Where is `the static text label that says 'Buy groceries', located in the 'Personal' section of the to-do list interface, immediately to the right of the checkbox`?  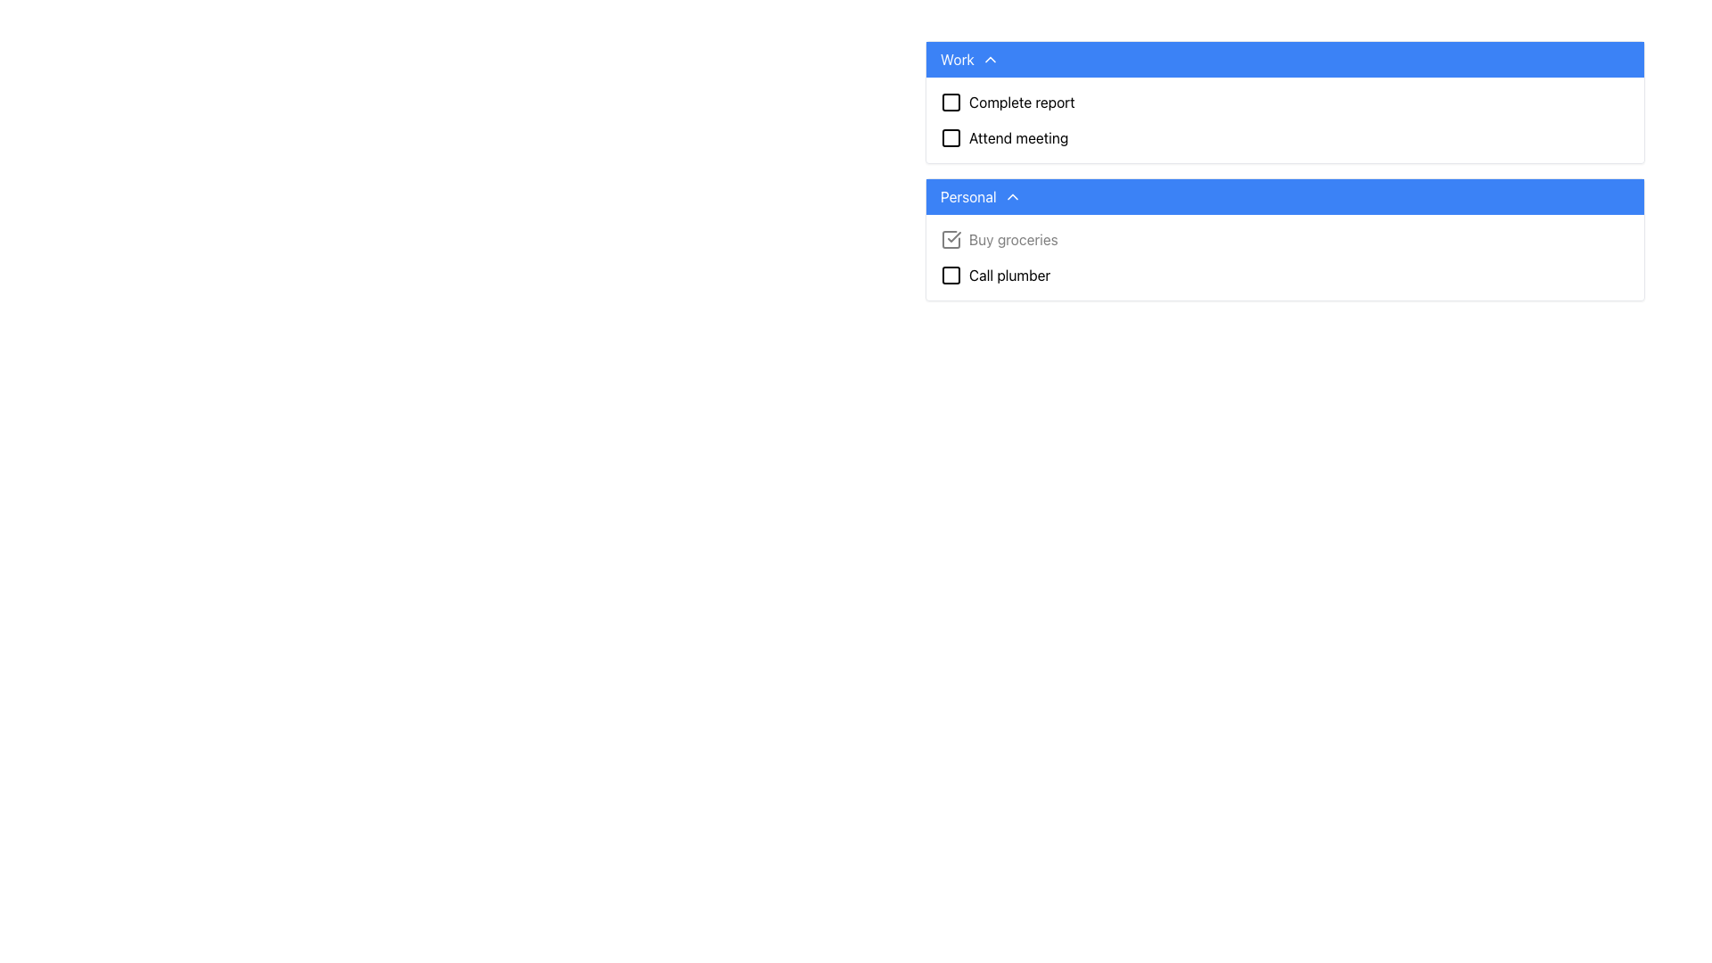 the static text label that says 'Buy groceries', located in the 'Personal' section of the to-do list interface, immediately to the right of the checkbox is located at coordinates (1013, 239).